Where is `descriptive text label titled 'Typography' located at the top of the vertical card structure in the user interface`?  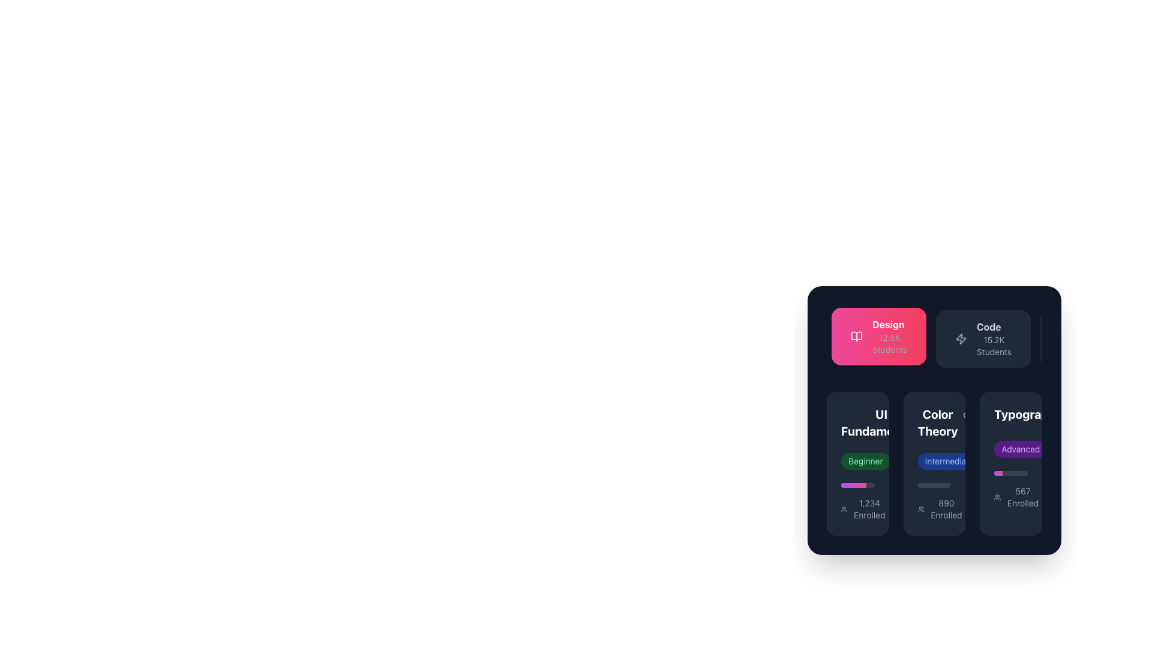 descriptive text label titled 'Typography' located at the top of the vertical card structure in the user interface is located at coordinates (1027, 413).